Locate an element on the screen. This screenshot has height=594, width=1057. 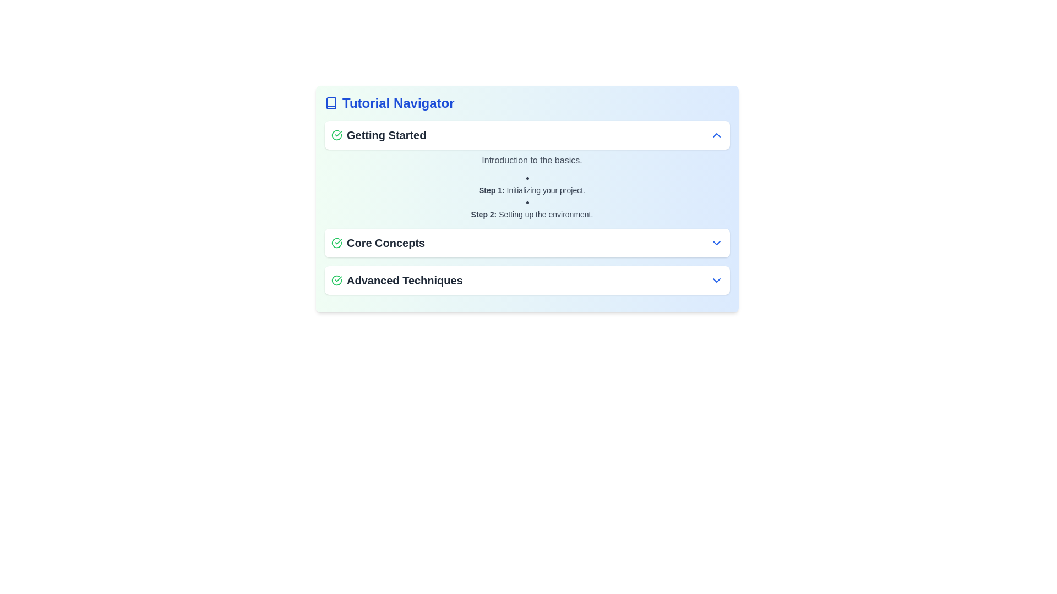
the text element that reads 'Step 2: Setting up the environment.' which is visually distinct with bold styling on 'Step 2:' and is part of the tutorial navigator is located at coordinates (532, 214).